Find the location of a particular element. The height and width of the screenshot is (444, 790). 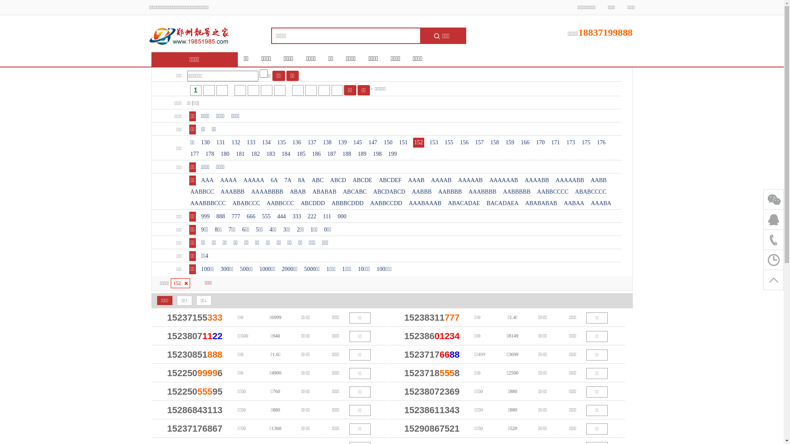

'AAABBBCCC' is located at coordinates (208, 203).